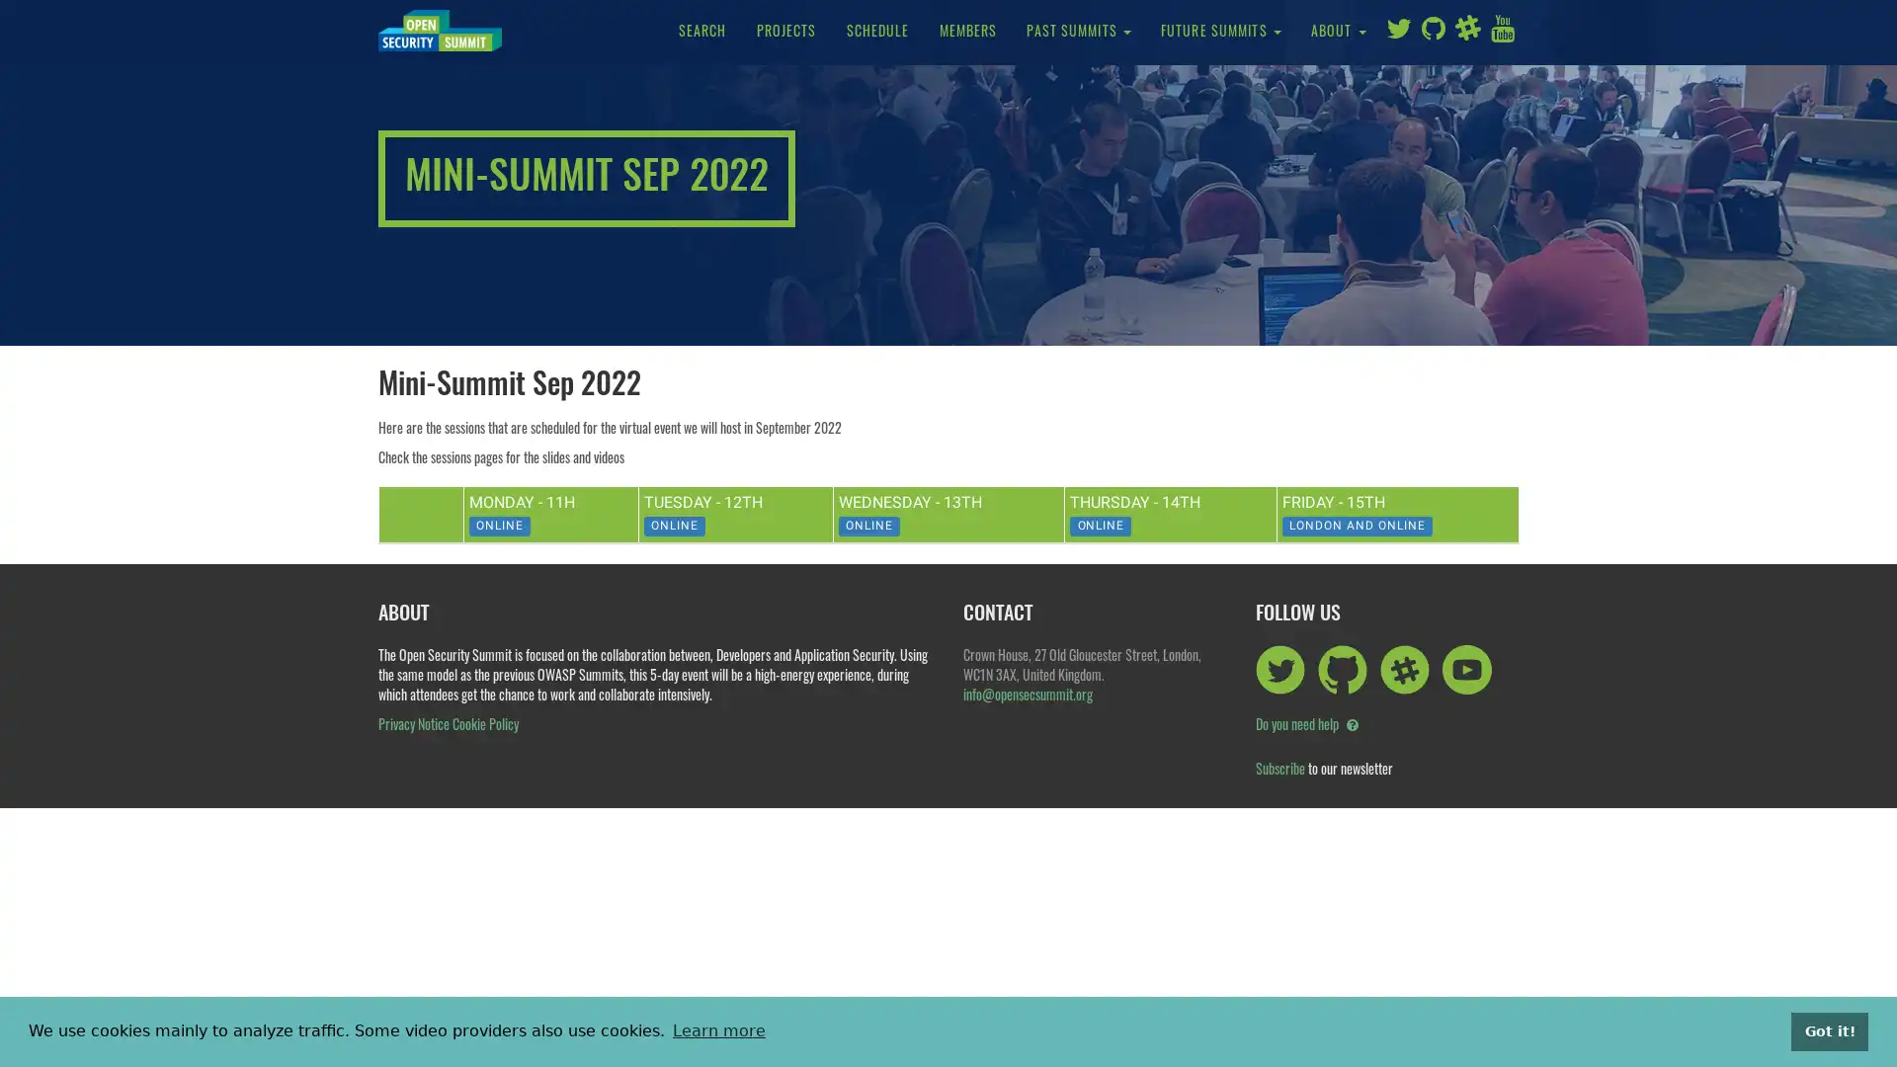 This screenshot has width=1897, height=1067. Describe the element at coordinates (1829, 1030) in the screenshot. I see `dismiss cookie message` at that location.